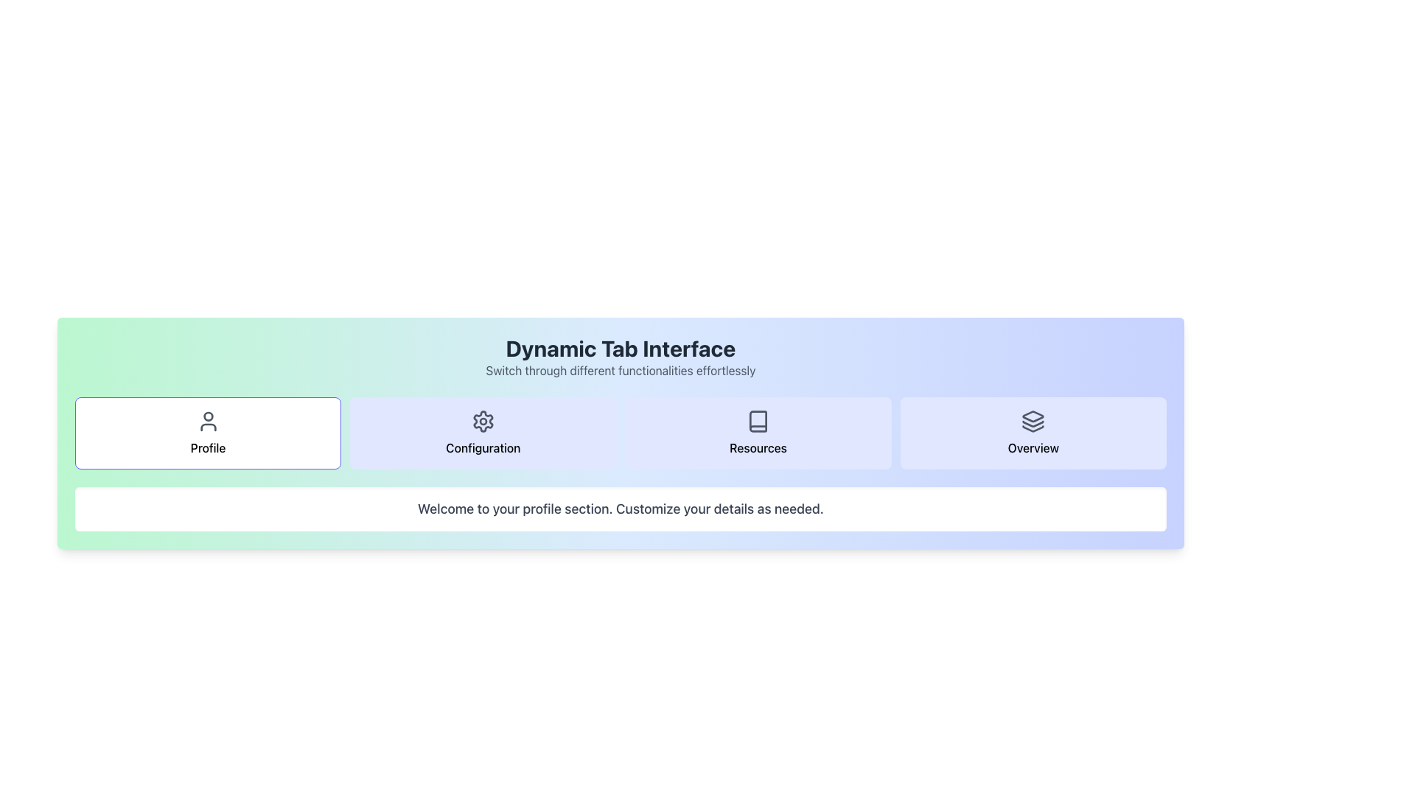 The width and height of the screenshot is (1415, 796). Describe the element at coordinates (621, 349) in the screenshot. I see `the Text Label that serves as a title or heading, located in the header section above the subtitle 'Switch through different functionalities effortlessly'` at that location.